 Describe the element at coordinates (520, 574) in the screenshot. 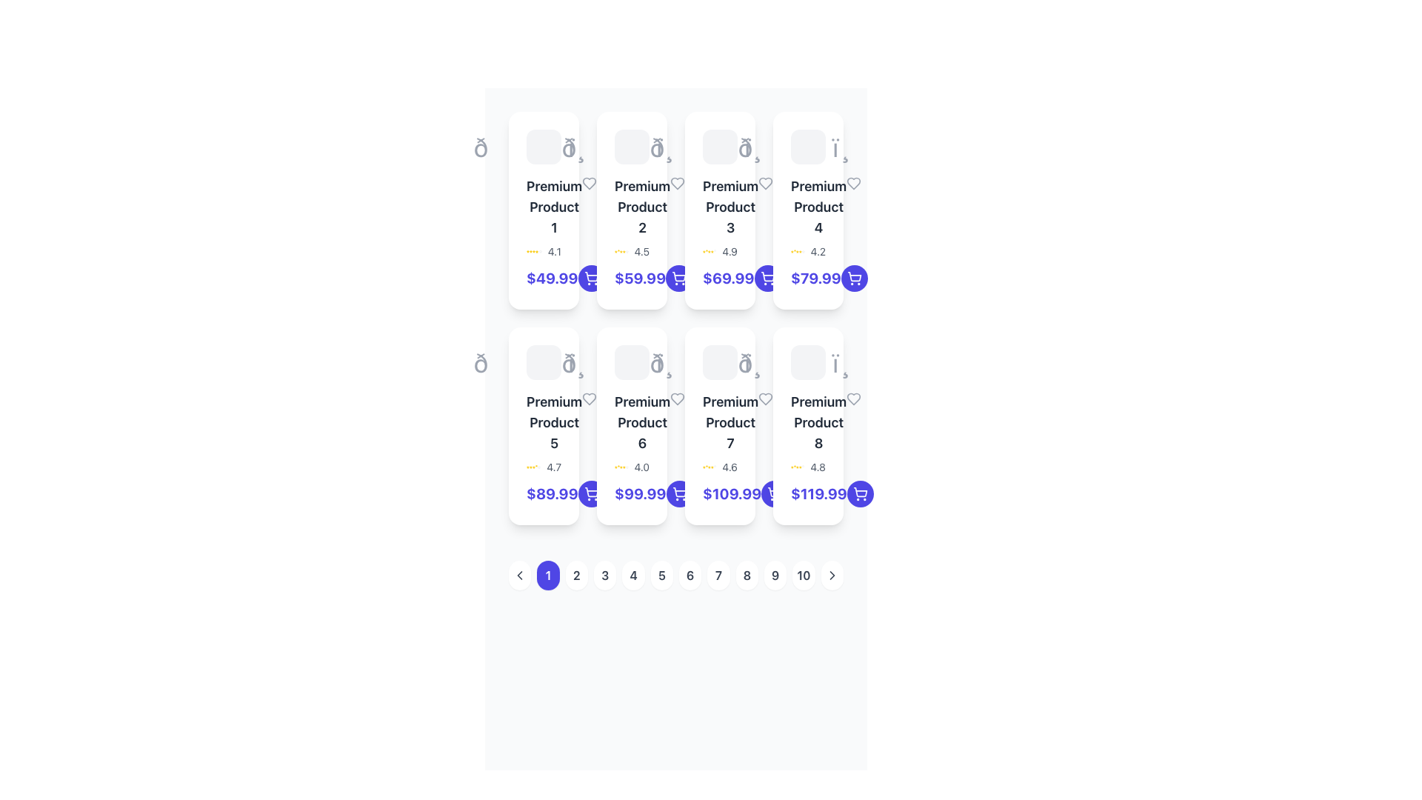

I see `the leftward-pointing chevron icon located in the bottom navigation area` at that location.